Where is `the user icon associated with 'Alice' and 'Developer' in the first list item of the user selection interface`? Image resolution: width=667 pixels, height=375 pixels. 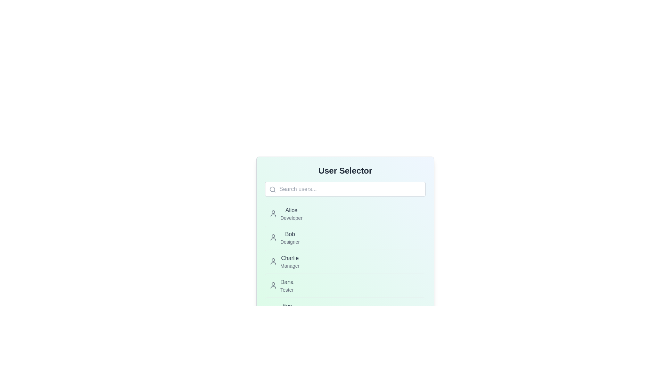
the user icon associated with 'Alice' and 'Developer' in the first list item of the user selection interface is located at coordinates (273, 214).